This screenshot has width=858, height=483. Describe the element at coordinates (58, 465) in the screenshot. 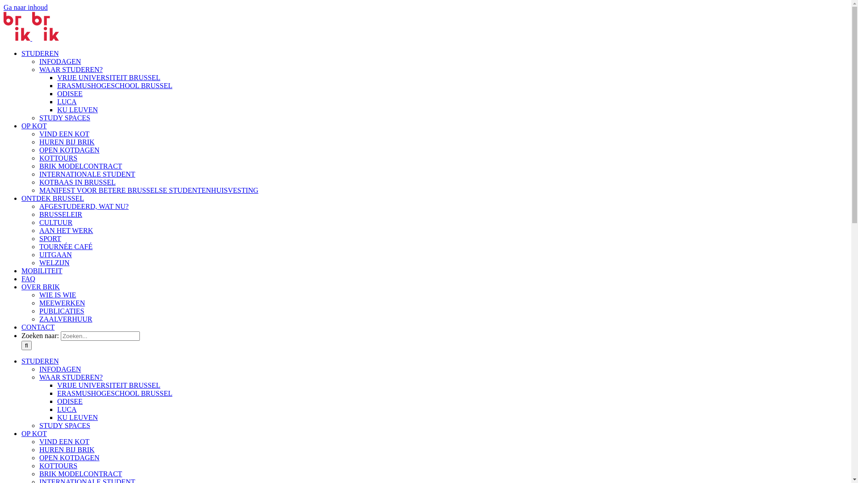

I see `'KOTTOURS'` at that location.